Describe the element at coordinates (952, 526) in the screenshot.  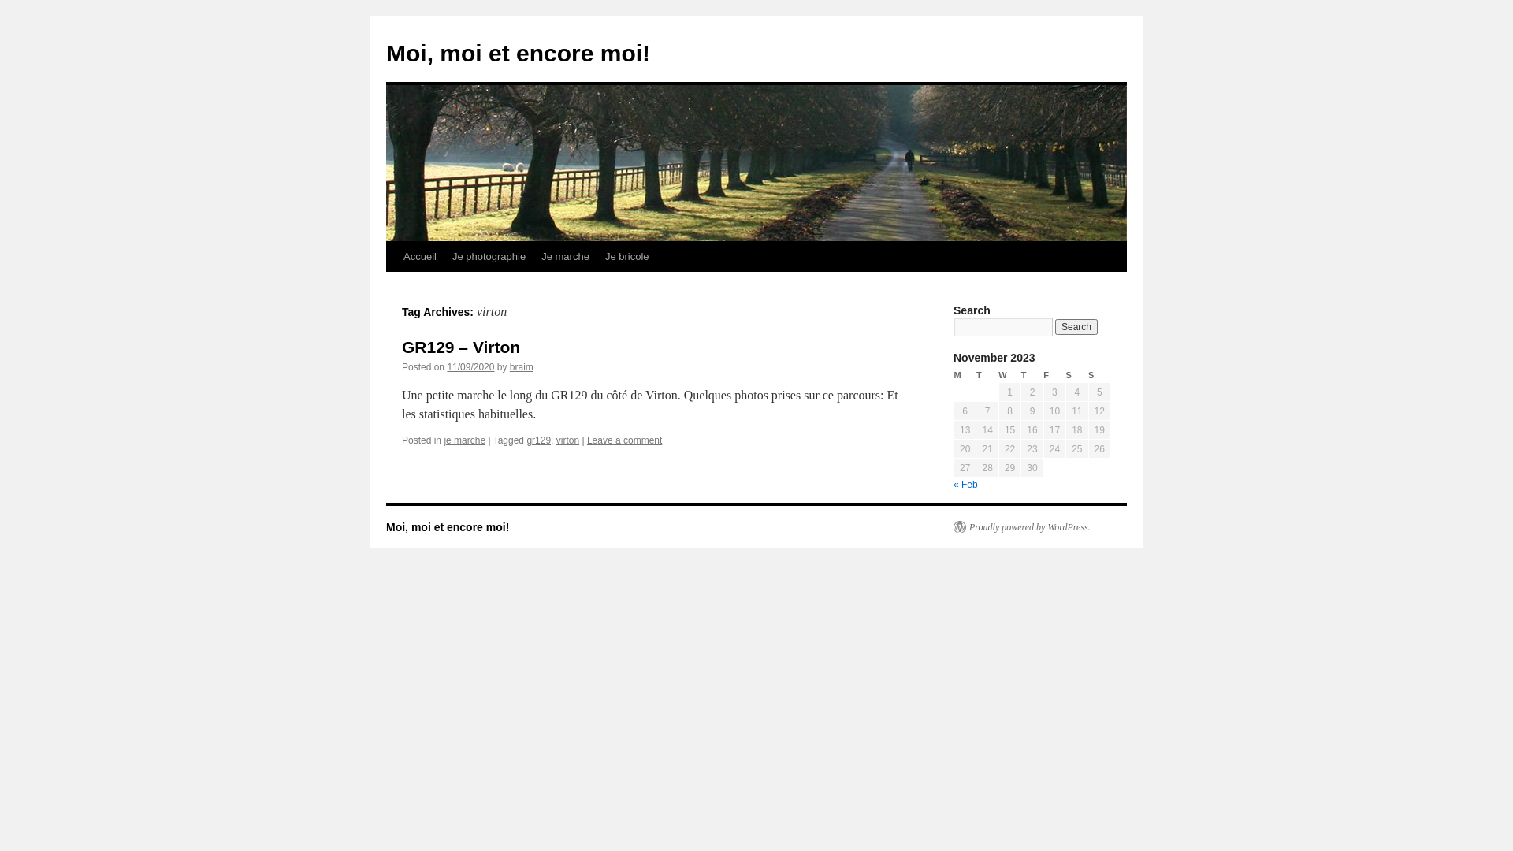
I see `'Proudly powered by WordPress.'` at that location.